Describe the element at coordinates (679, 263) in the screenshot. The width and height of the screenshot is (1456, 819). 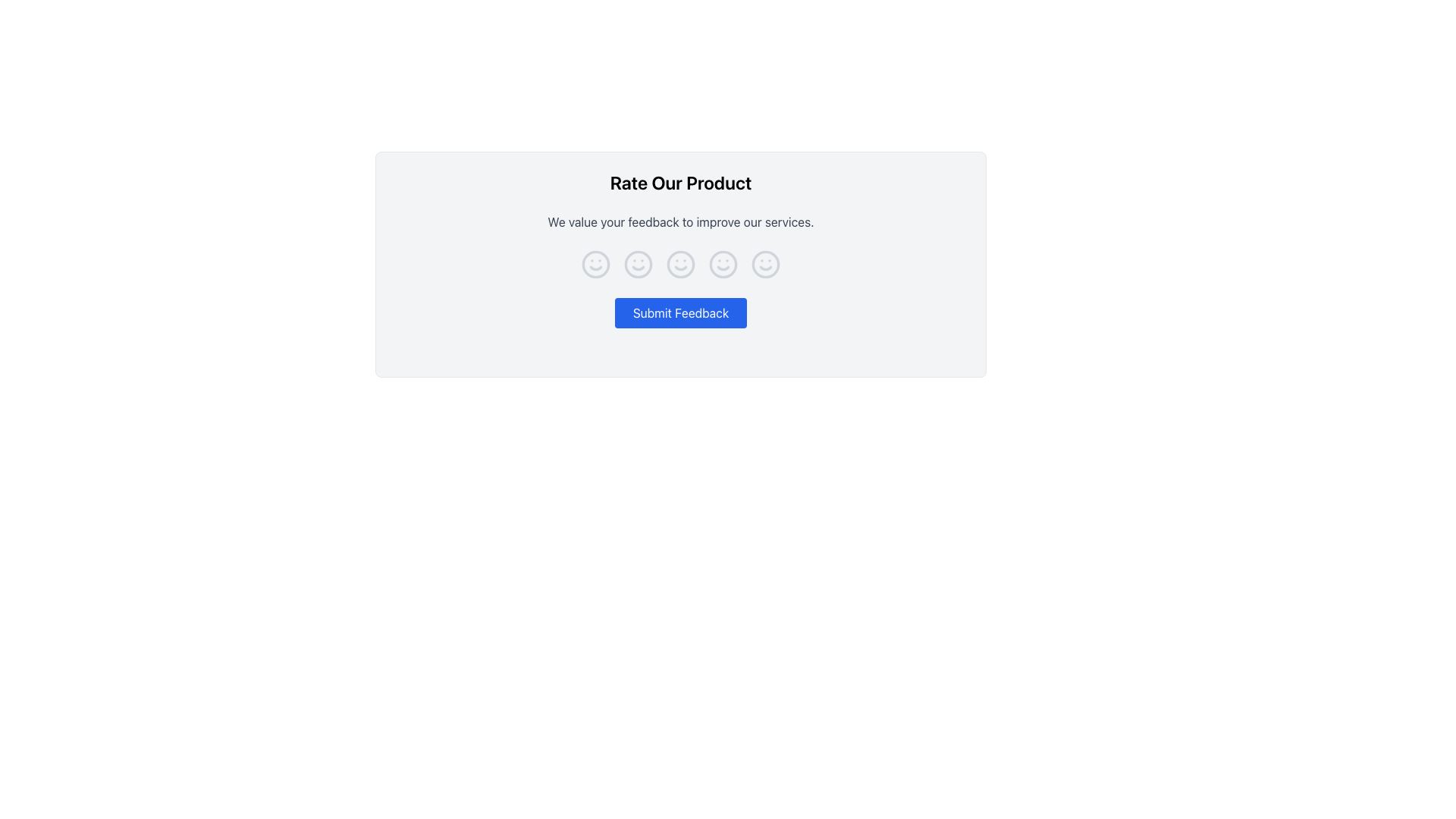
I see `the circular outline of the neutral face icon, which is the second icon in a row of five horizontally aligned face icons` at that location.